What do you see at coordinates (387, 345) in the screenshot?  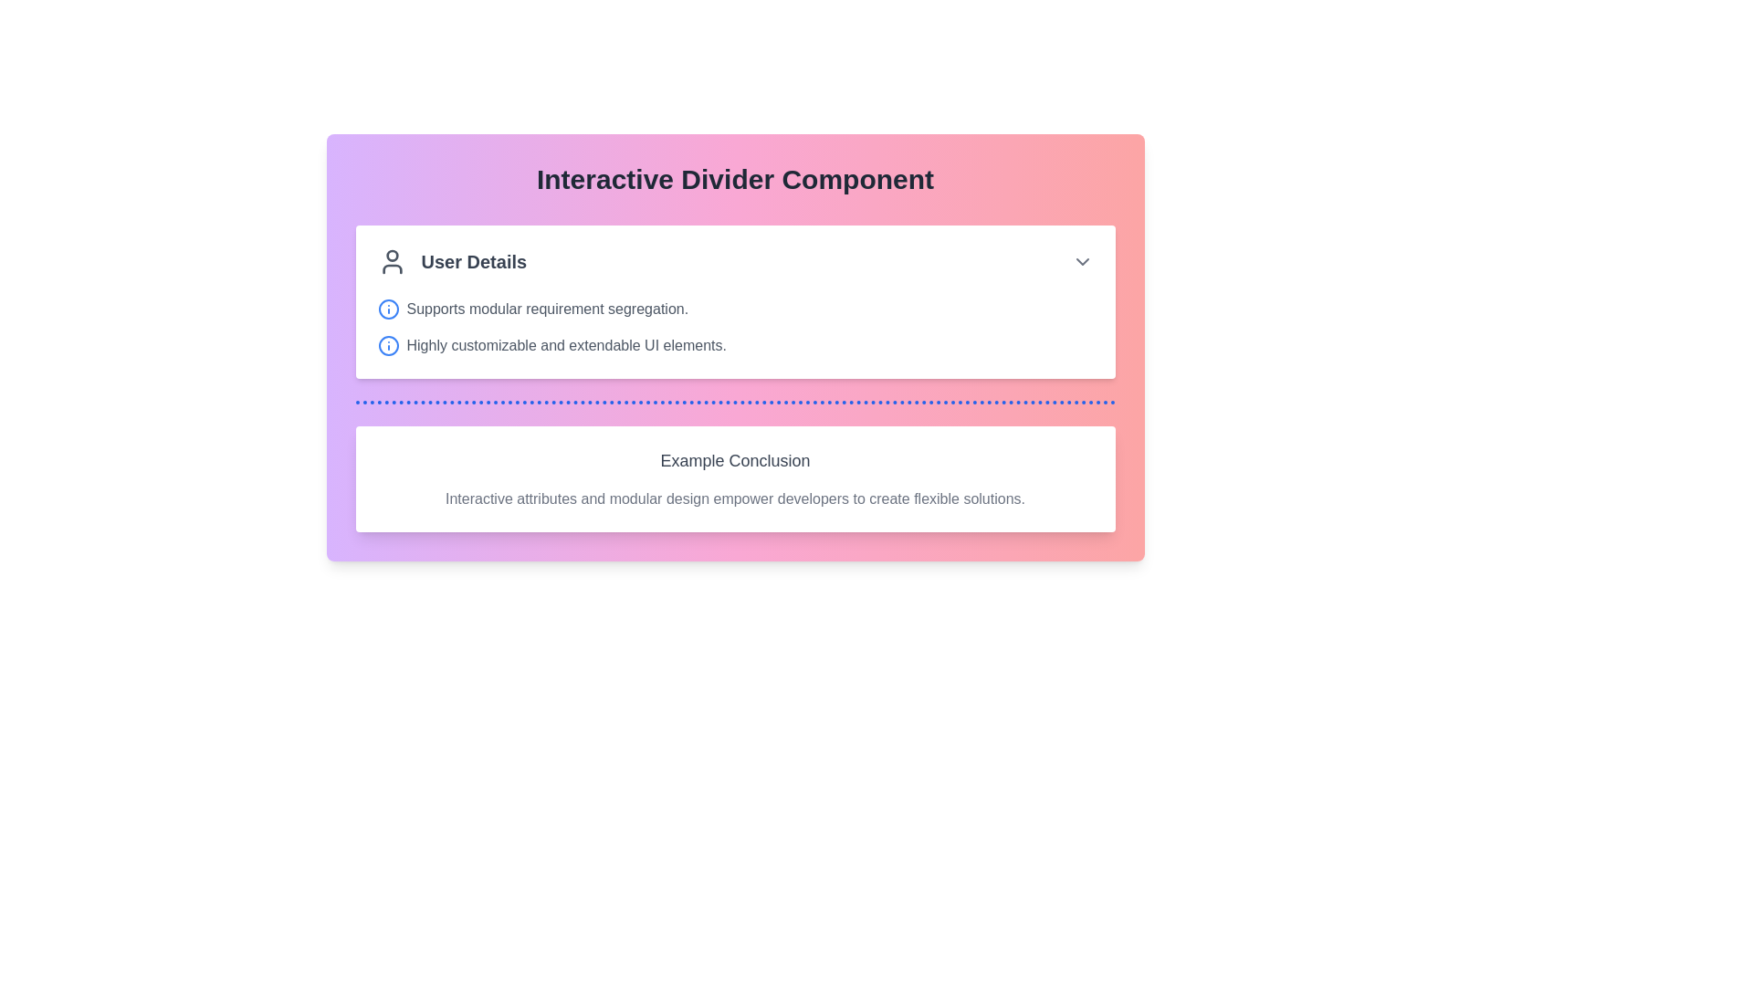 I see `the circular blue outlined info icon located to the left of the text 'Highly customizable and extendable UI elements.' in the second section under 'User Details'` at bounding box center [387, 345].